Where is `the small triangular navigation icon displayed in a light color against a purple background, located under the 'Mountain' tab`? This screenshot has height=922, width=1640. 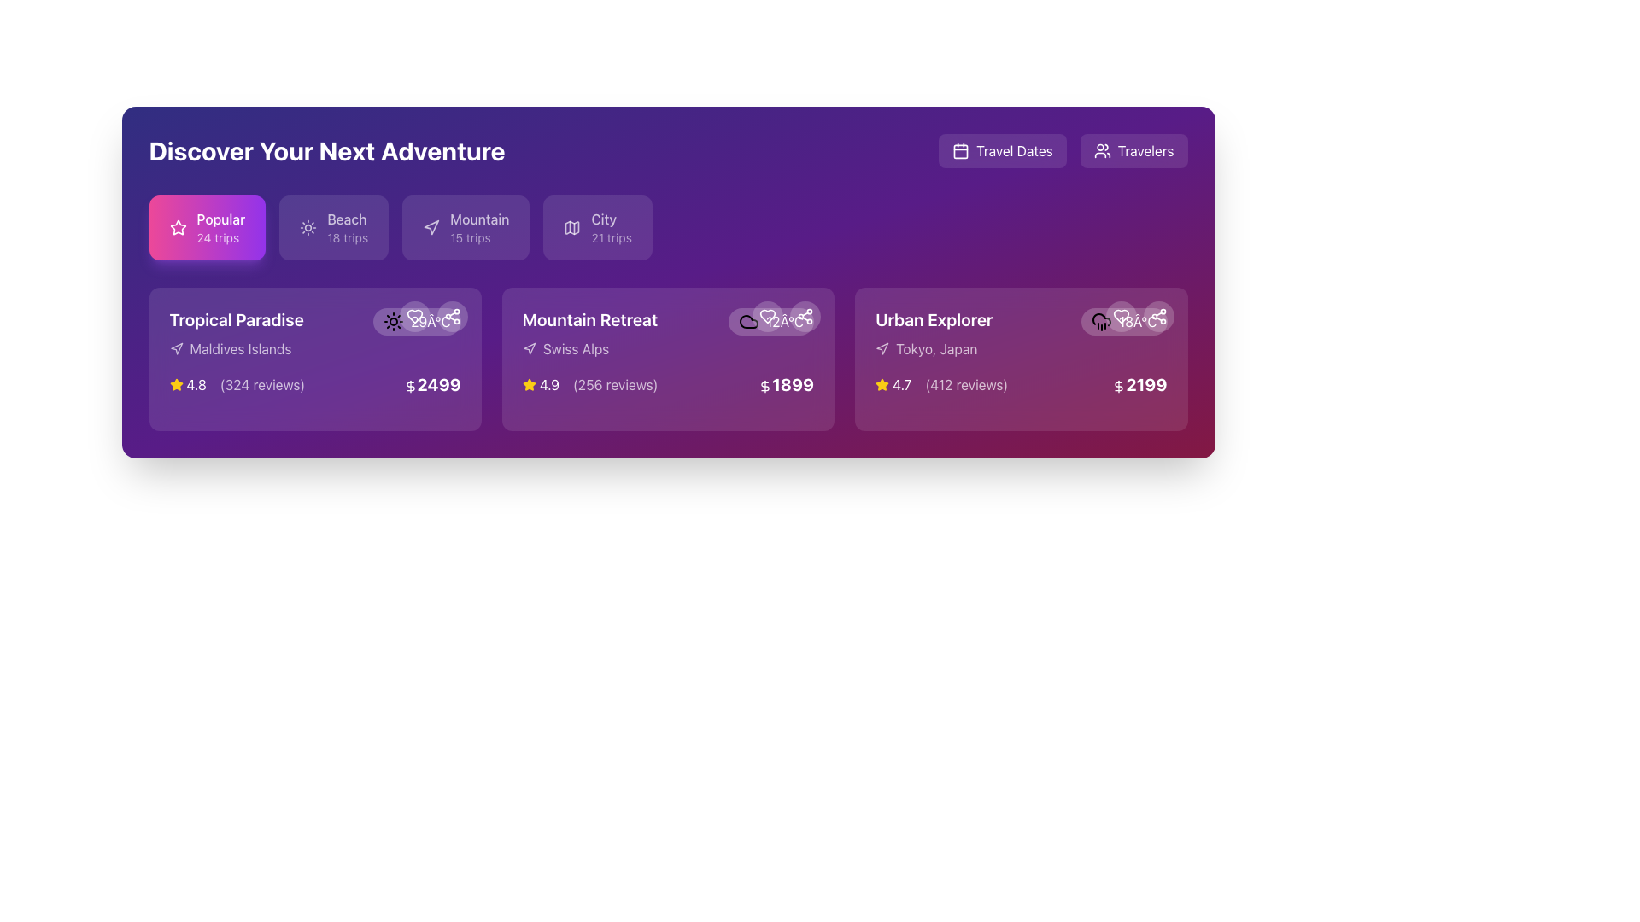 the small triangular navigation icon displayed in a light color against a purple background, located under the 'Mountain' tab is located at coordinates (431, 226).